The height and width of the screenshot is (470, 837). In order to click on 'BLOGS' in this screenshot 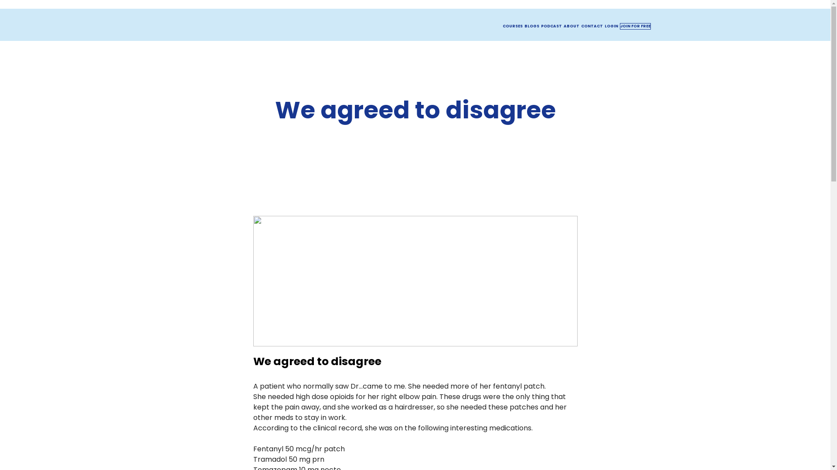, I will do `click(531, 26)`.